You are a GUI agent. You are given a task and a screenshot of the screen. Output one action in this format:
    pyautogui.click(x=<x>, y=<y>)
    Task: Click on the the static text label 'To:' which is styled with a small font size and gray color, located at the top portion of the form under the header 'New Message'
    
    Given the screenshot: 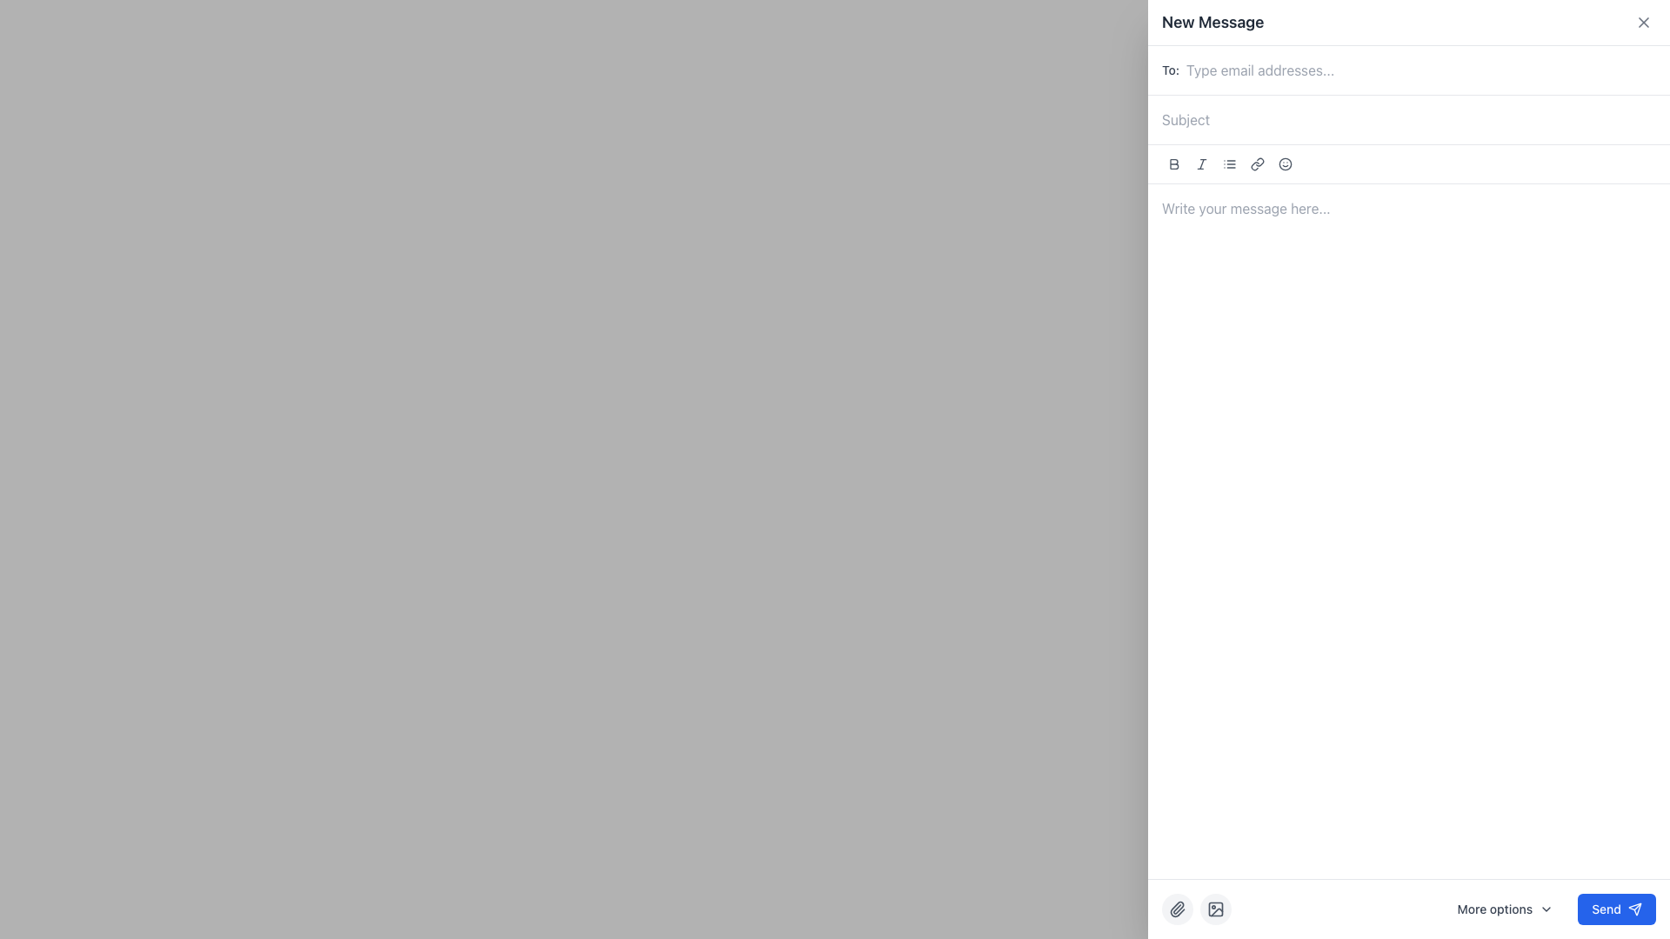 What is the action you would take?
    pyautogui.click(x=1170, y=70)
    